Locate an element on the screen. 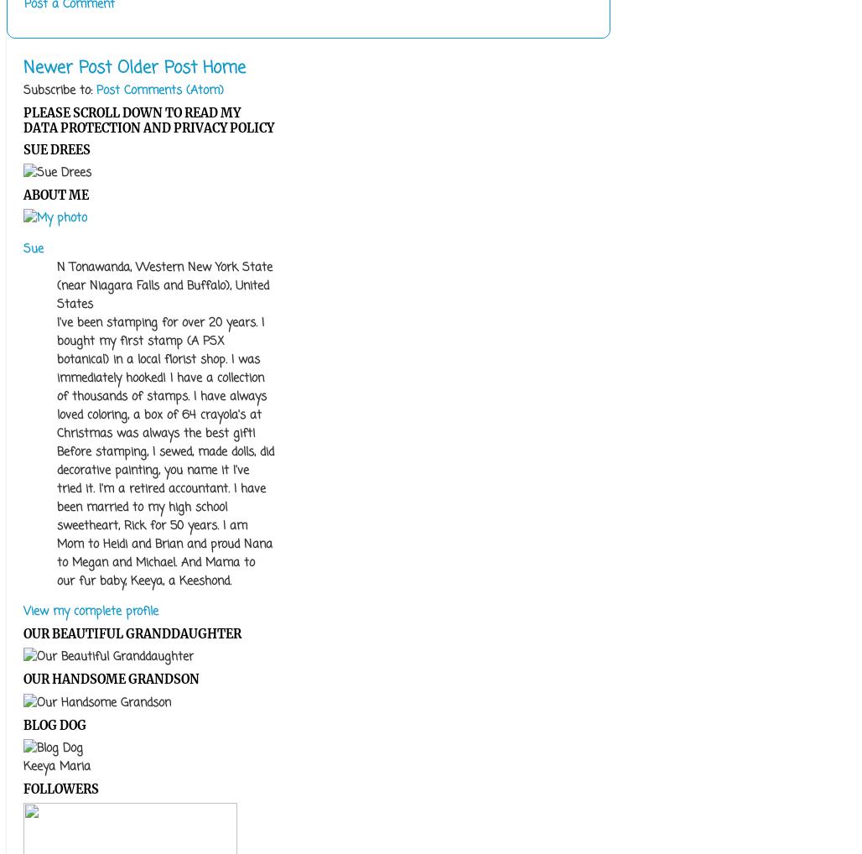 This screenshot has height=854, width=862. 'I've been stamping for over 20 years. I bought my first stamp (A PSX botanical) in a local florist shop.
I was immediately hooked!
I have a collection of thousands of stamps. I have always loved coloring, a box of 64 crayola's at Christmas was always the best gift!  Before stamping, I sewed, made dolls, did decorative painting, you name it I've tried it.
I'm a retired accountant.  I have been married to my high school sweetheart, Rick for 50 years.  I am Mom to Heidi and Brian and proud Nana to Megan and Michael. And Mama to our fur baby, Keeya, a Keeshond.' is located at coordinates (164, 450).